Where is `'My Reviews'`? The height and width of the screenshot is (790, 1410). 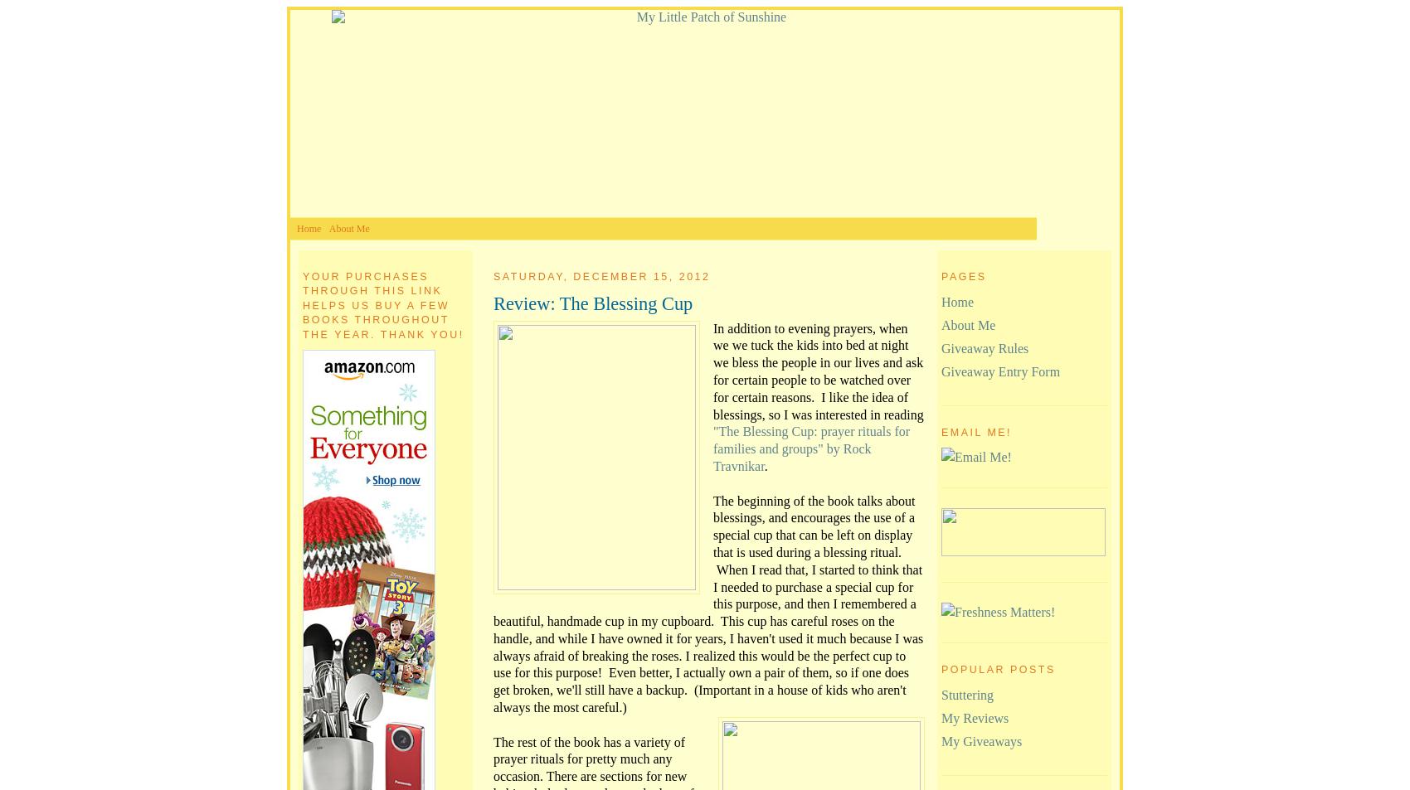
'My Reviews' is located at coordinates (974, 718).